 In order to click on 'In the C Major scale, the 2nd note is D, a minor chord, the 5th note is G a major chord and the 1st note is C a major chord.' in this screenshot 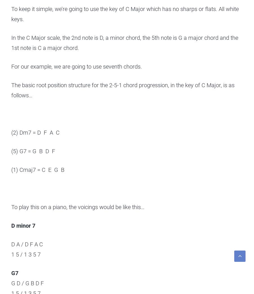, I will do `click(124, 43)`.